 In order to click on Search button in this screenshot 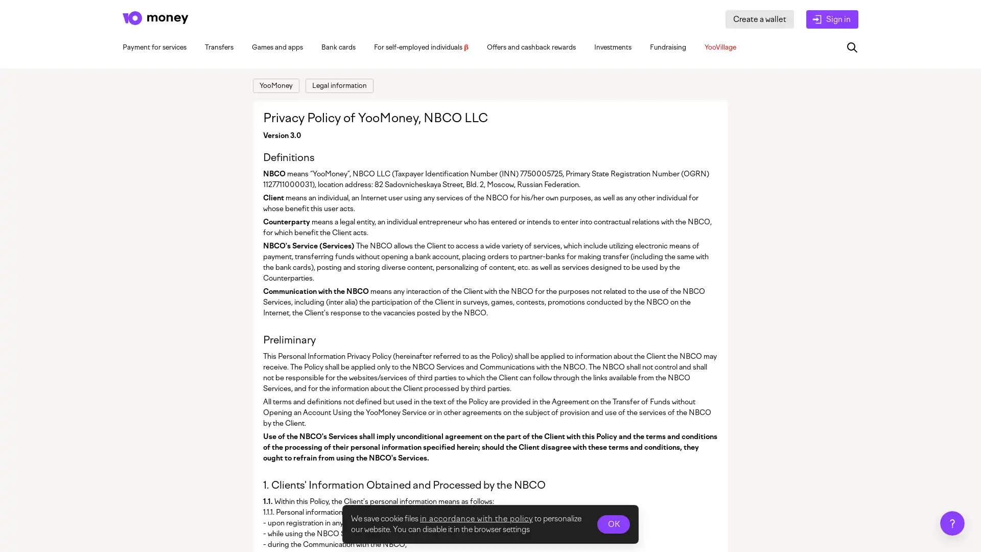, I will do `click(852, 47)`.